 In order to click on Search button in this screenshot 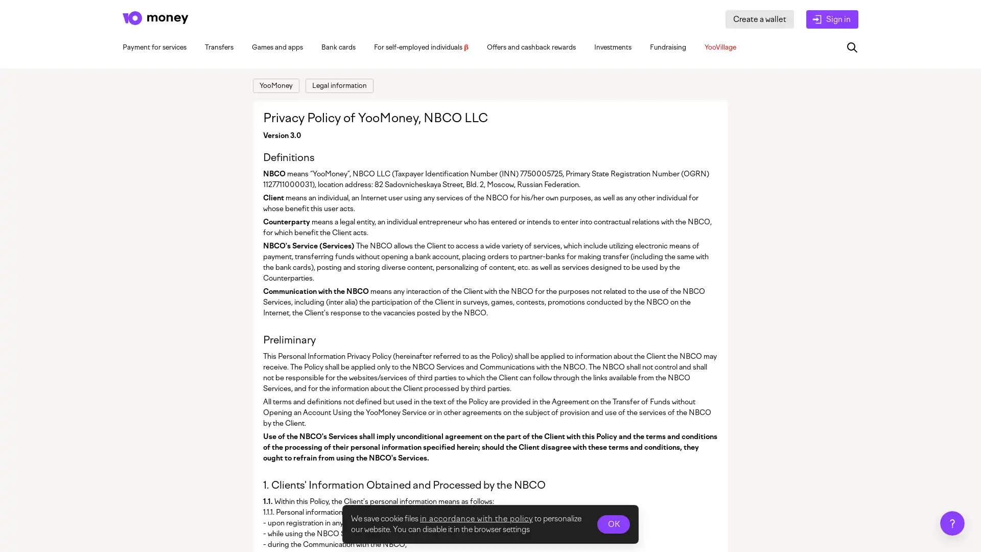, I will do `click(852, 47)`.